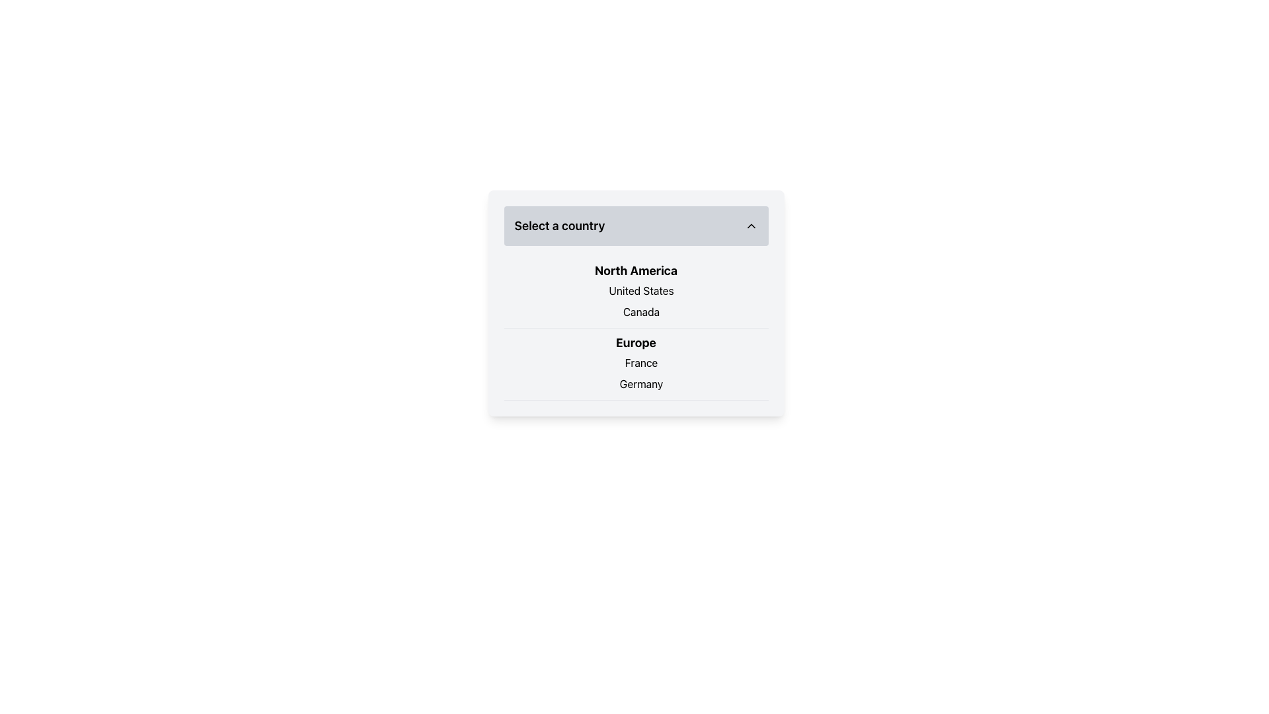 Image resolution: width=1269 pixels, height=714 pixels. I want to click on the text label displaying 'Select a country' in bold font located in the upper left corner of the grey background area, adjacent to the chevron icon, so click(559, 225).